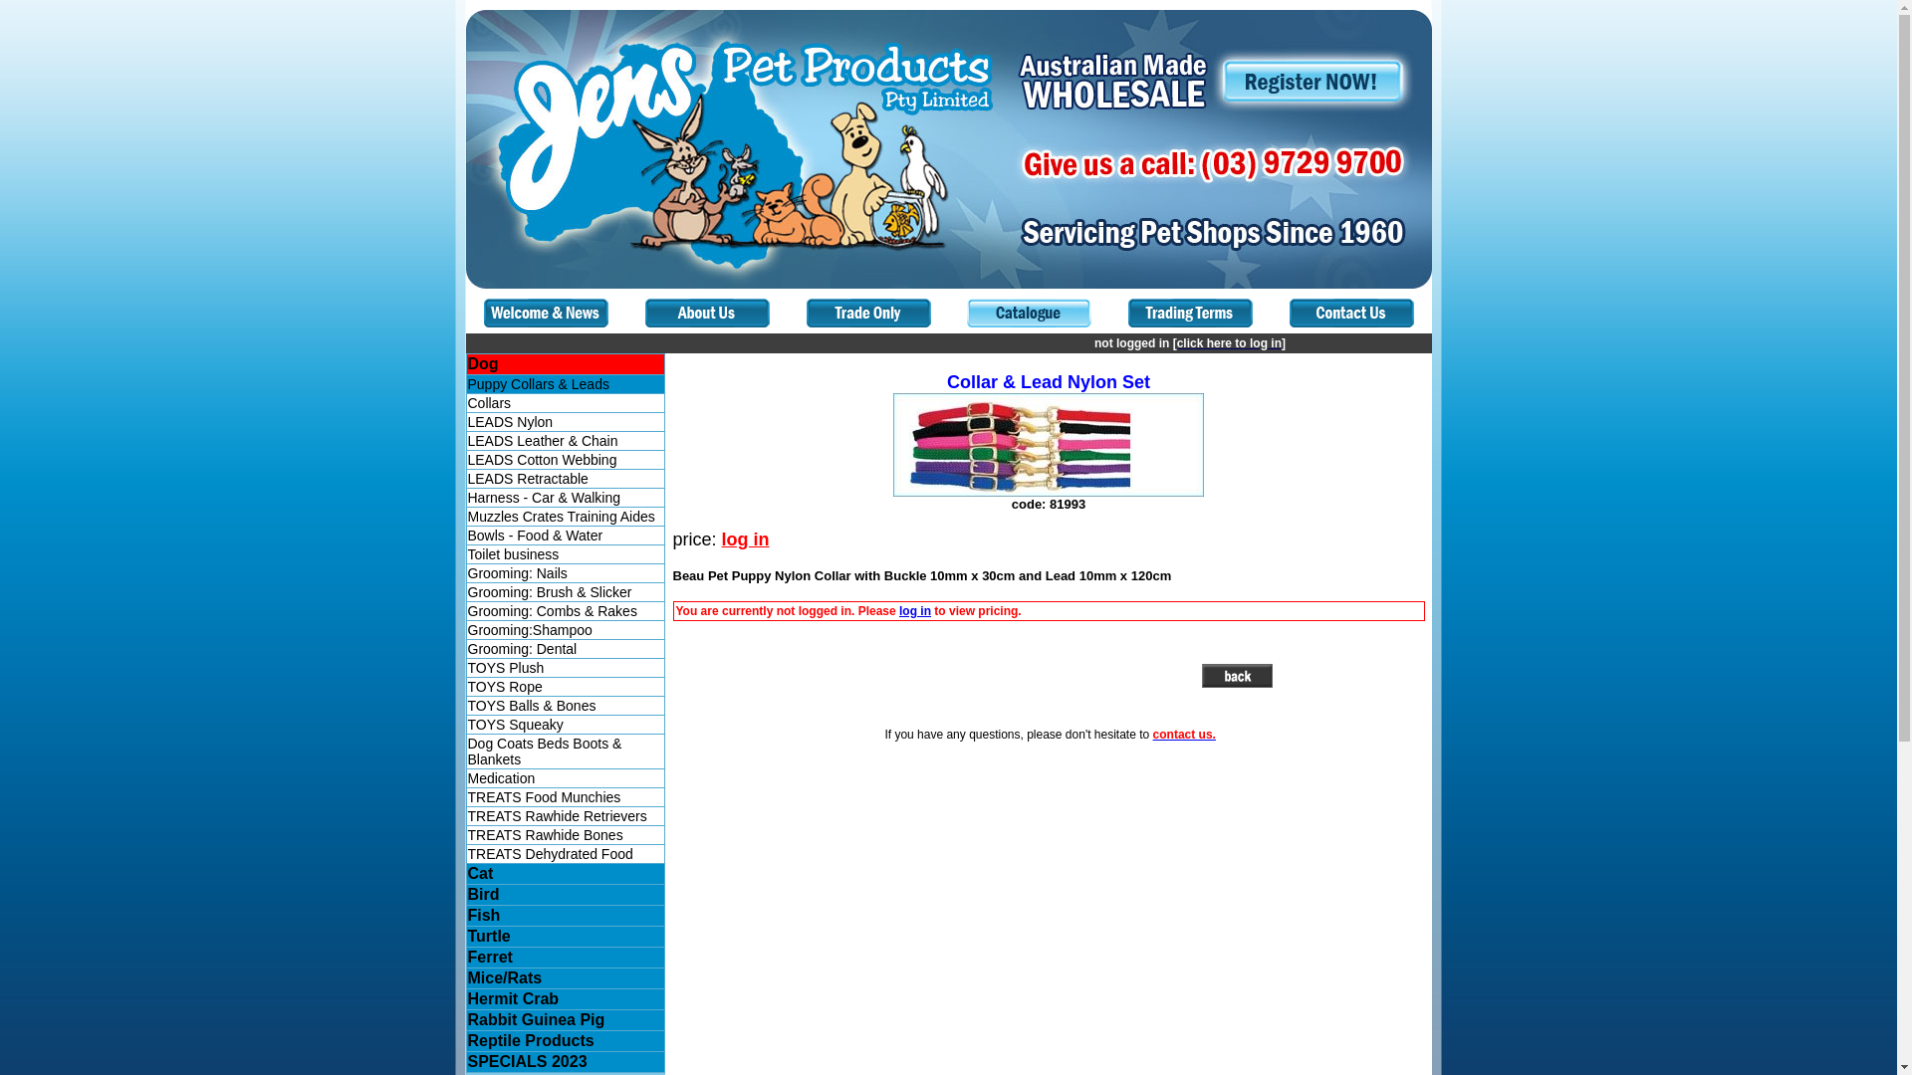 Image resolution: width=1912 pixels, height=1075 pixels. I want to click on 'SPECIALS 2023', so click(527, 1060).